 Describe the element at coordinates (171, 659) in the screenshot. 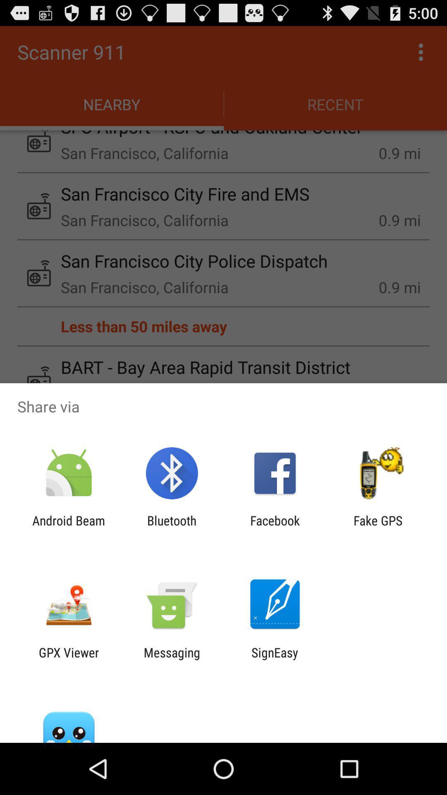

I see `app to the right of the gpx viewer` at that location.